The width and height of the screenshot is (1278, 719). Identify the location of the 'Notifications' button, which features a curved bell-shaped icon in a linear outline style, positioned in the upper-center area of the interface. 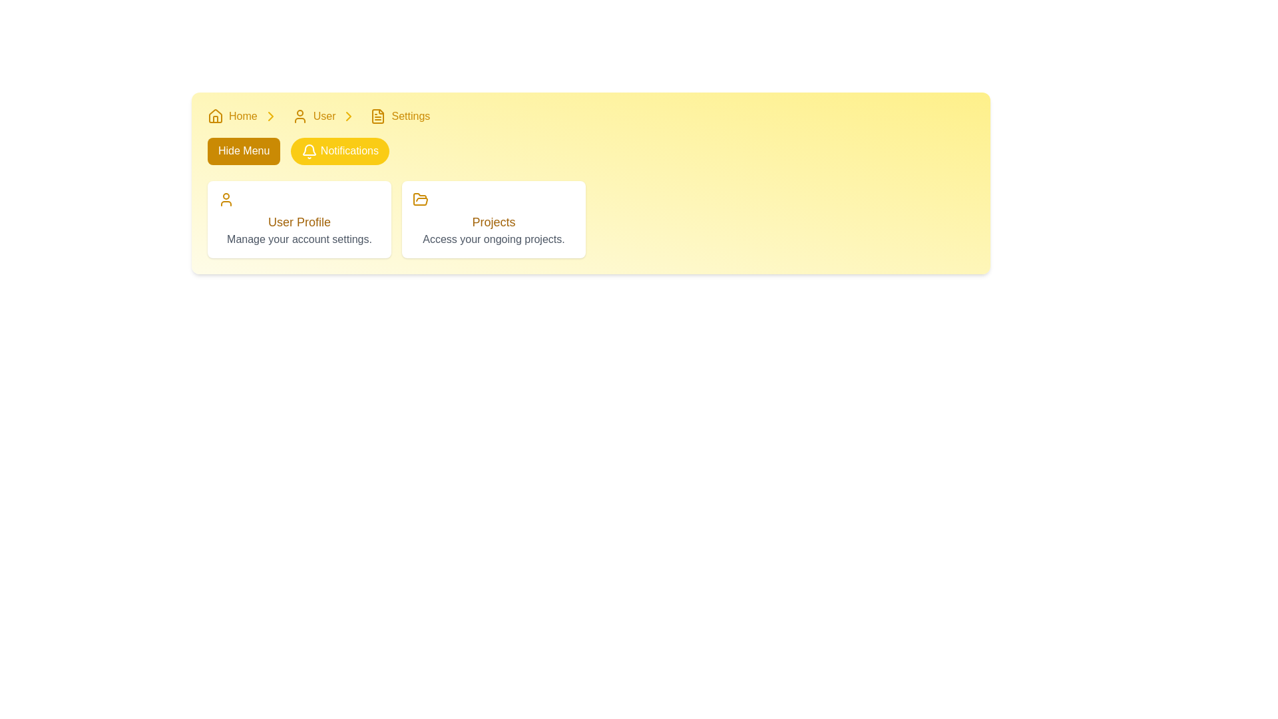
(309, 150).